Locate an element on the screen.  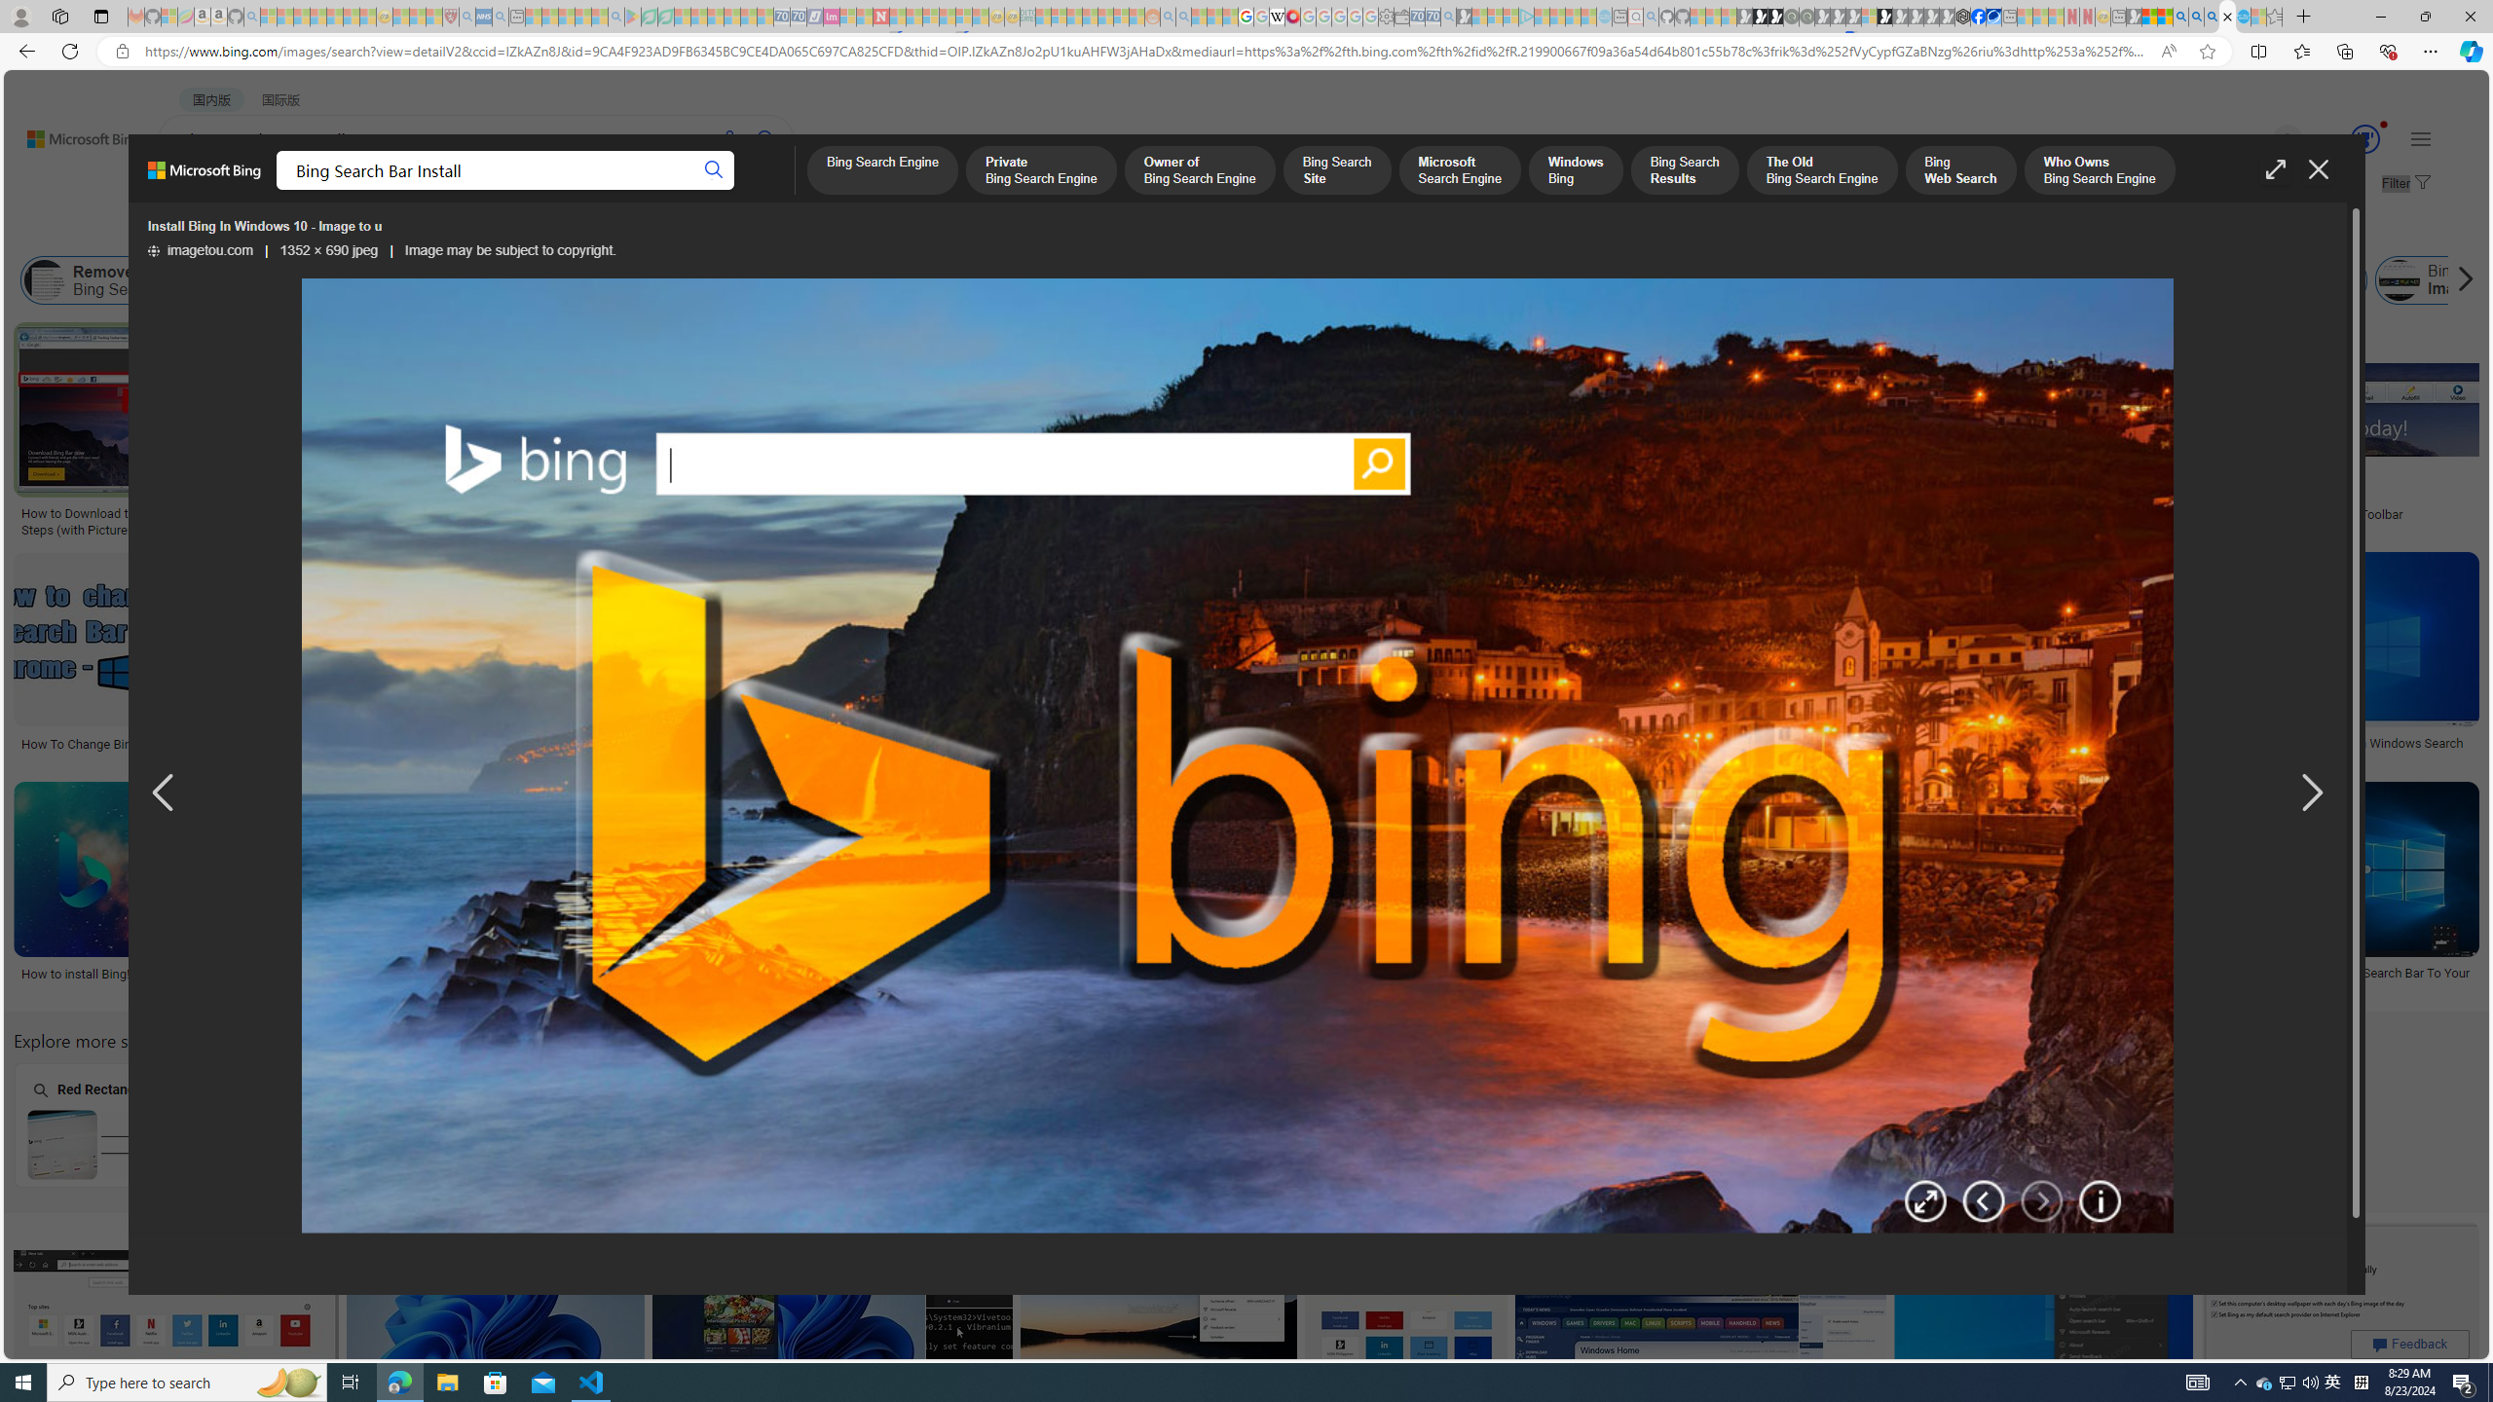
'Bing Search Bar Install - Search Images' is located at coordinates (2226, 16).